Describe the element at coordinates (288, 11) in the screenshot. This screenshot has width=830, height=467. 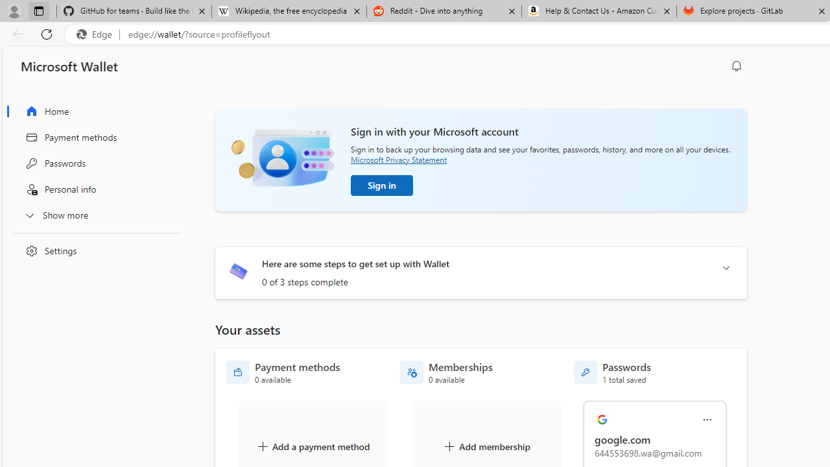
I see `'Wikipedia, the free encyclopedia'` at that location.